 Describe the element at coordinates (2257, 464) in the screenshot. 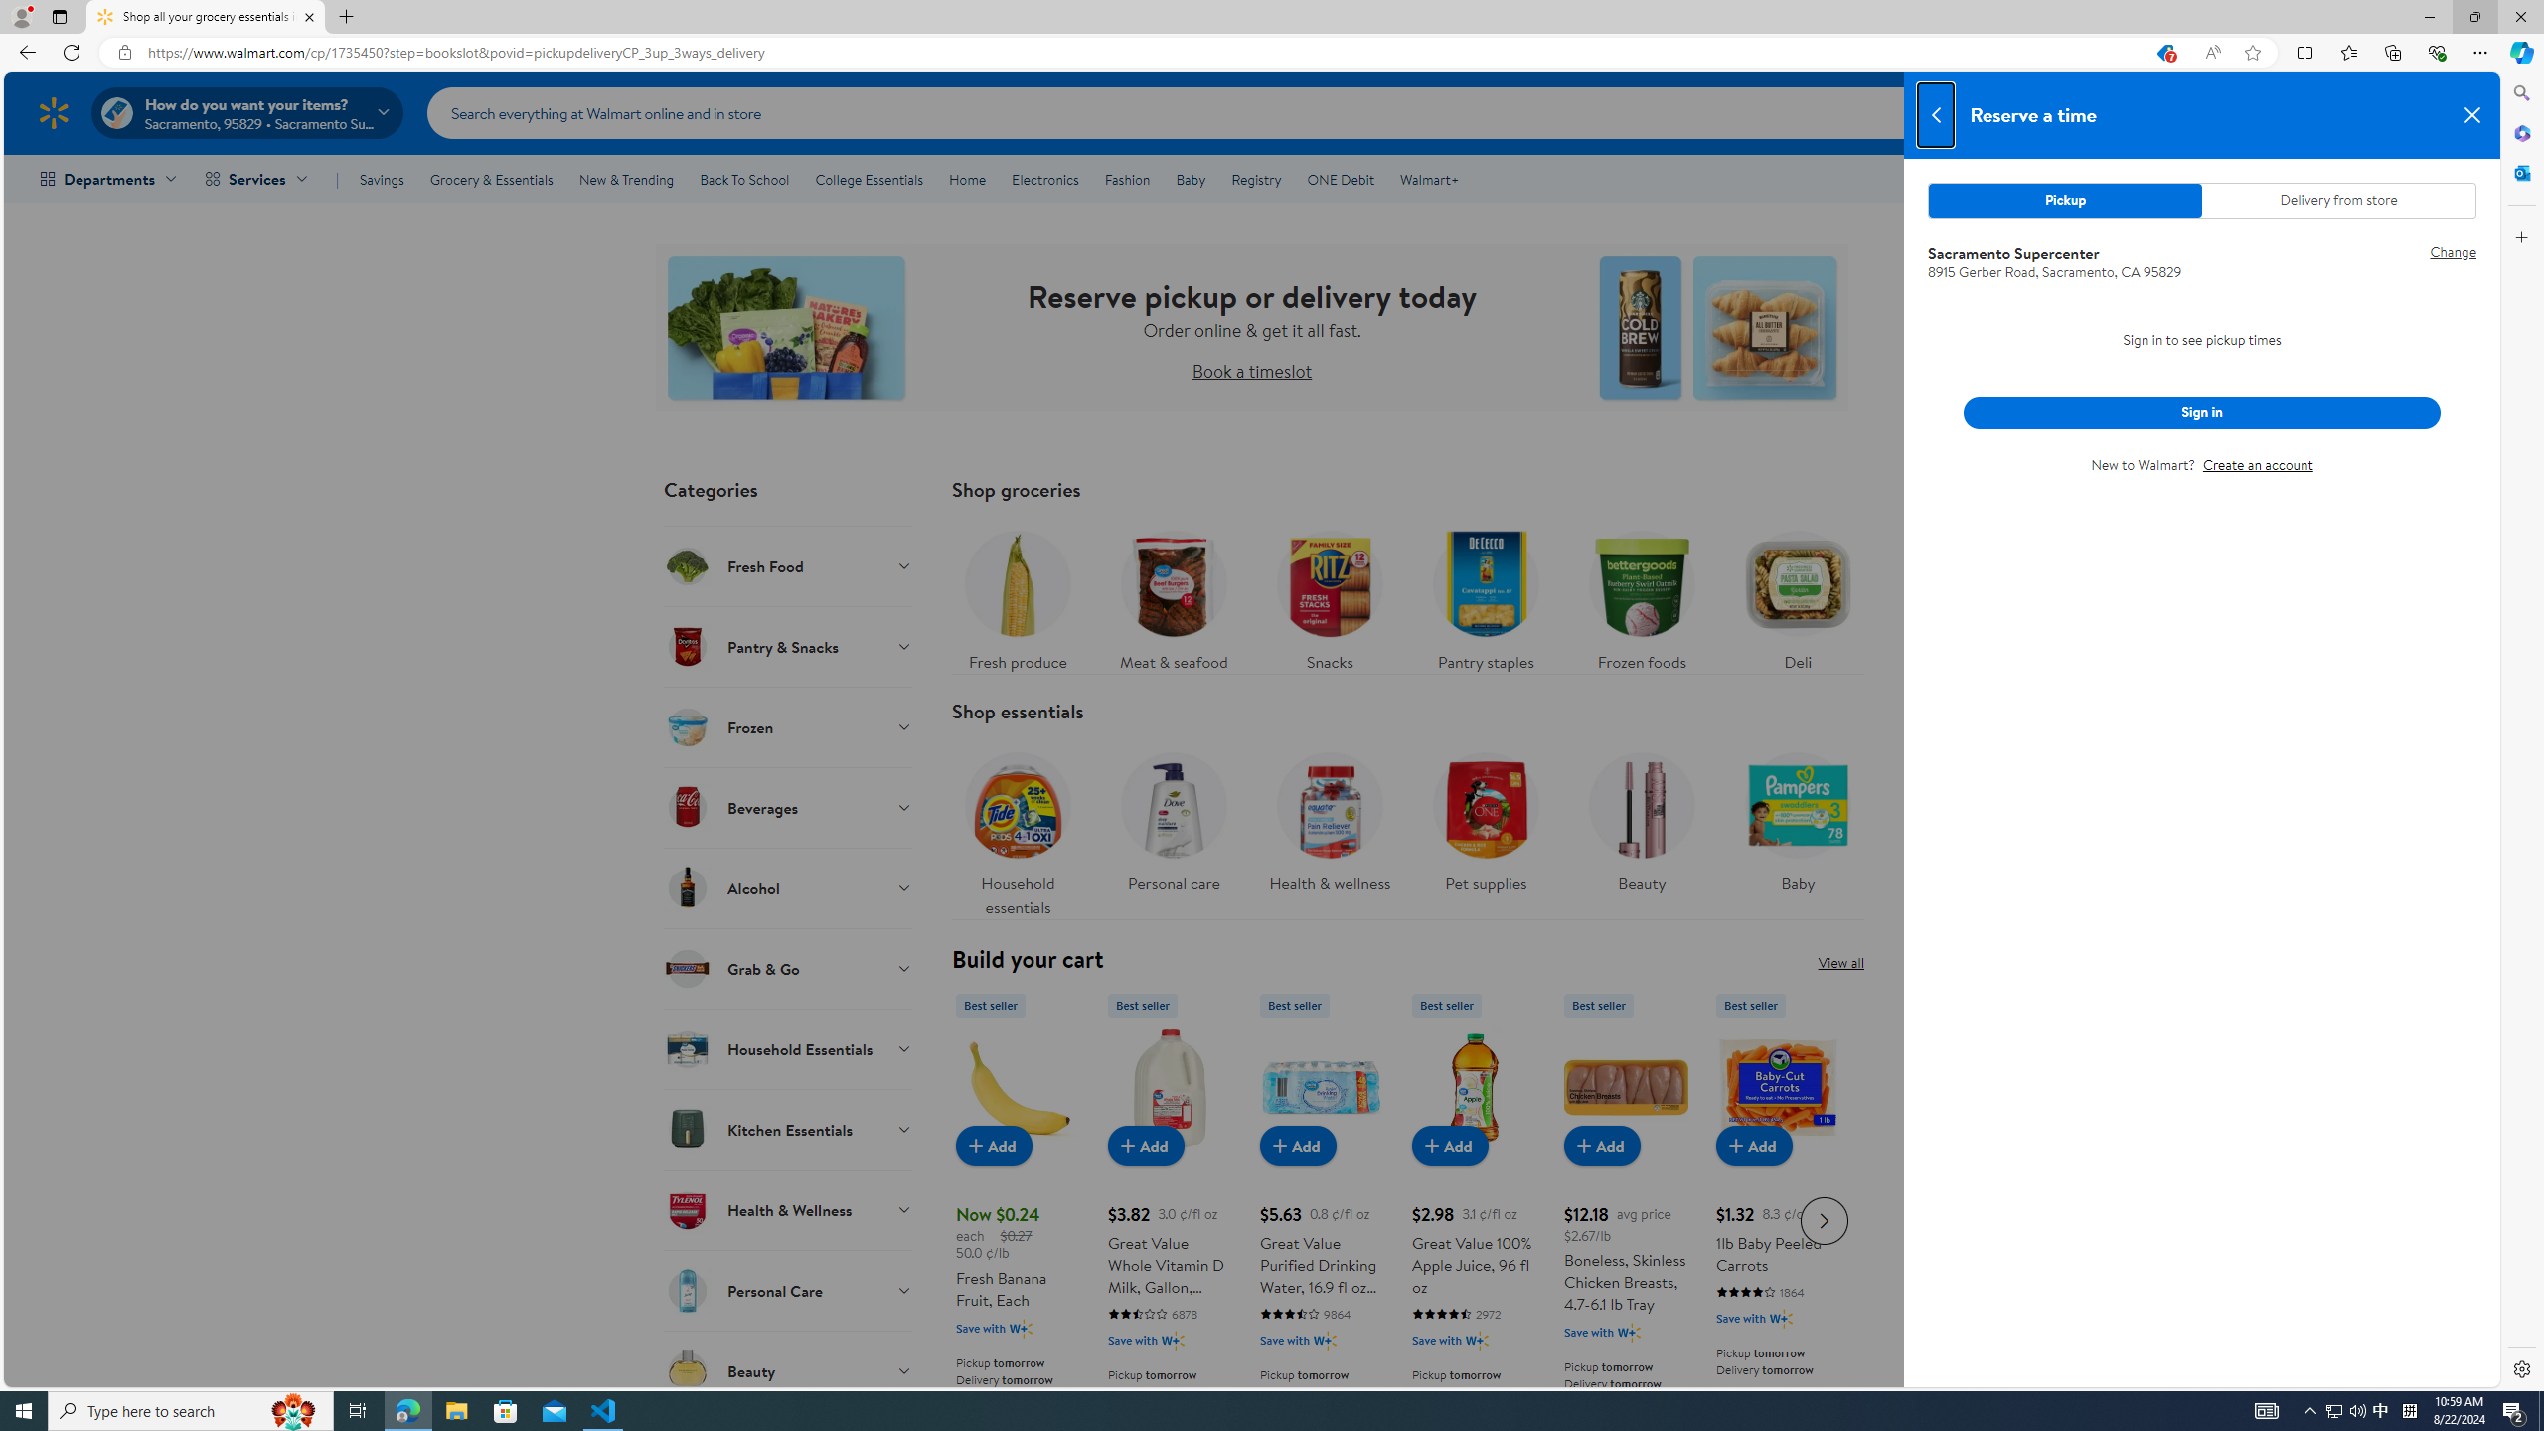

I see `'Create an account'` at that location.